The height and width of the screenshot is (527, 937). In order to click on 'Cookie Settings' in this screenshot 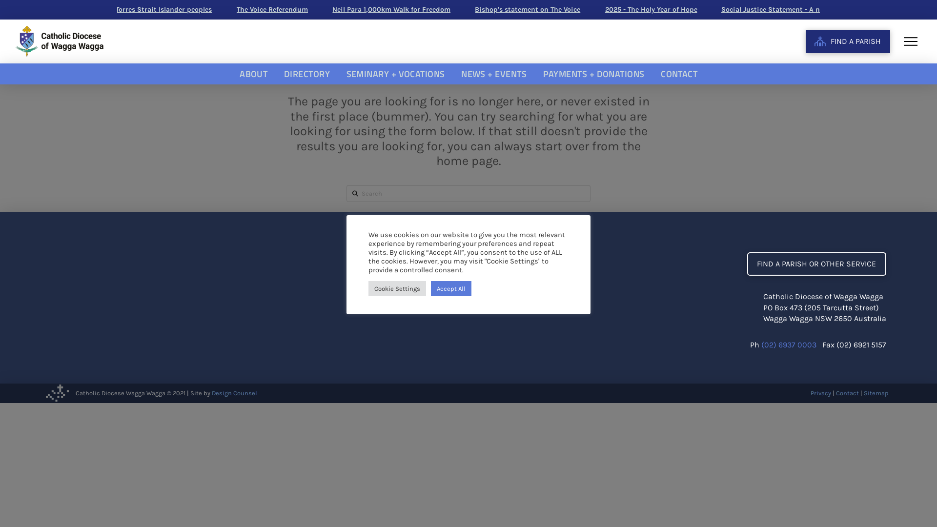, I will do `click(397, 288)`.